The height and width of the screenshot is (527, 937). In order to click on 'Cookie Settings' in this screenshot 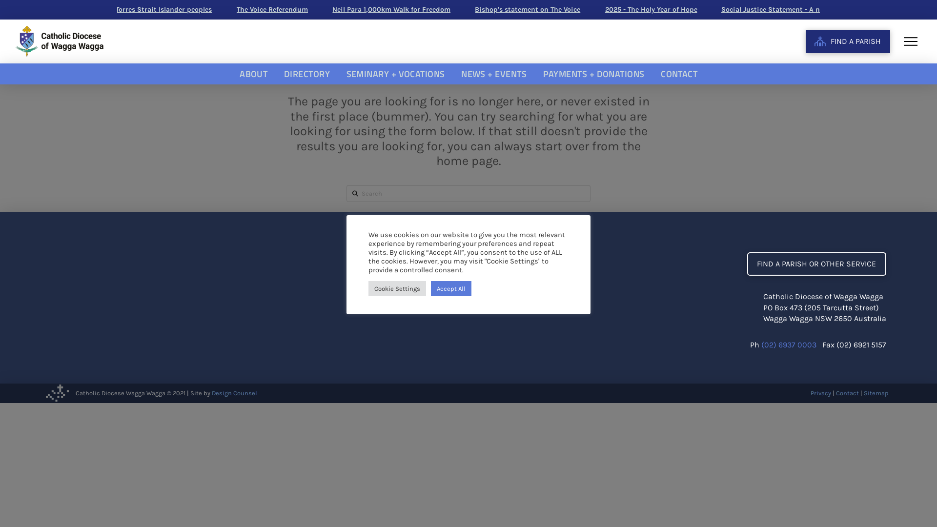, I will do `click(397, 288)`.